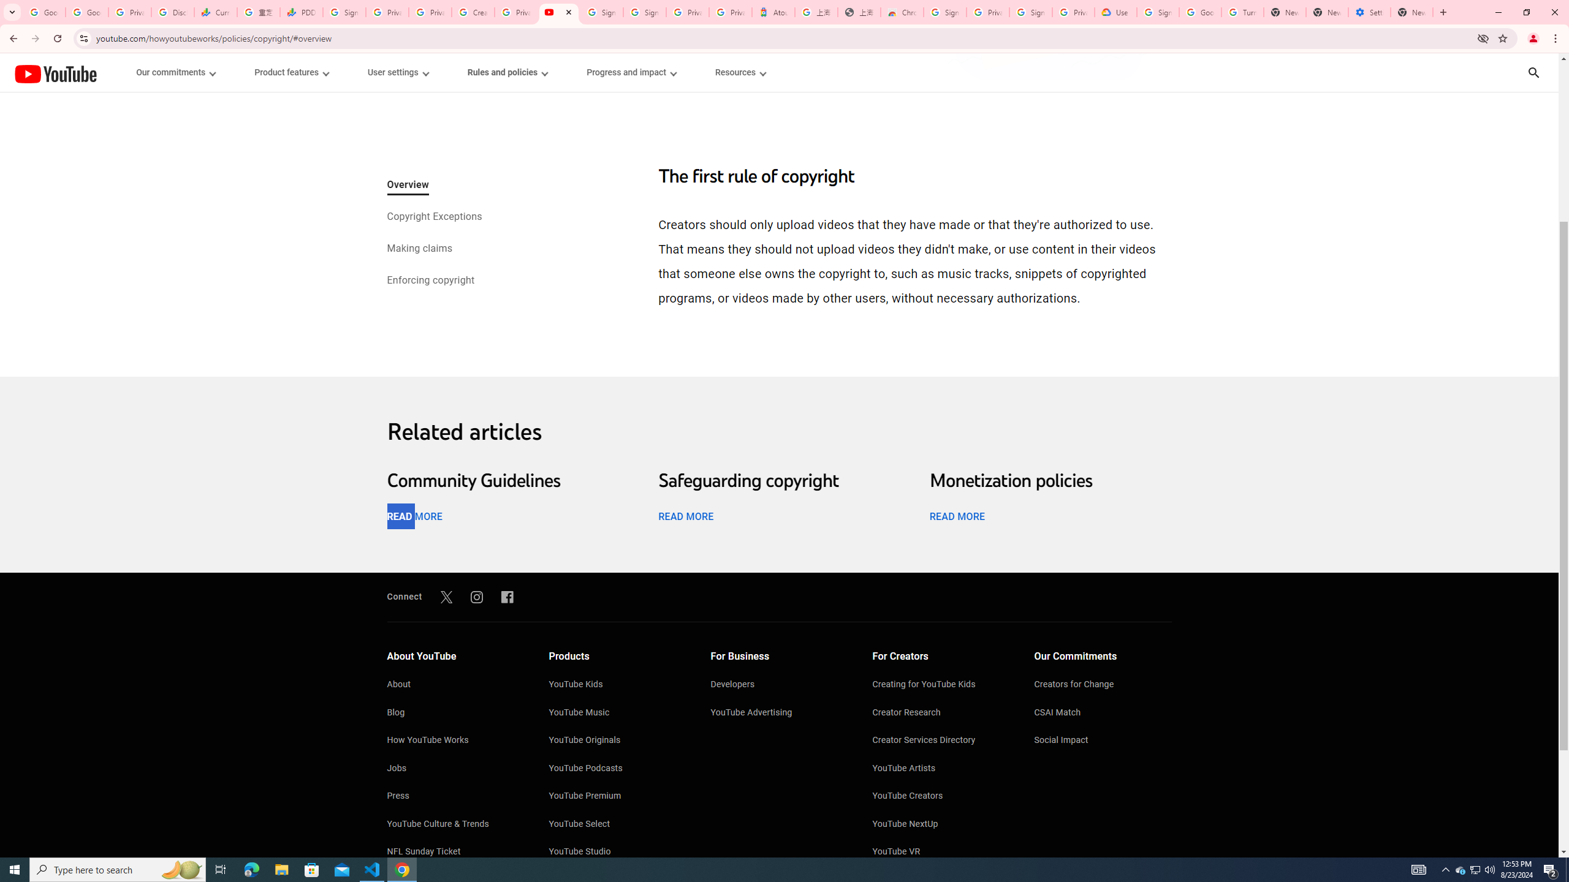 Image resolution: width=1569 pixels, height=882 pixels. What do you see at coordinates (477, 596) in the screenshot?
I see `'Instagram'` at bounding box center [477, 596].